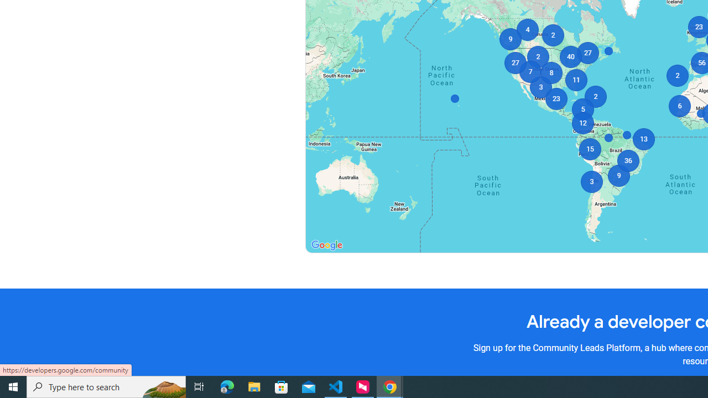 The height and width of the screenshot is (398, 708). Describe the element at coordinates (582, 123) in the screenshot. I see `'12'` at that location.